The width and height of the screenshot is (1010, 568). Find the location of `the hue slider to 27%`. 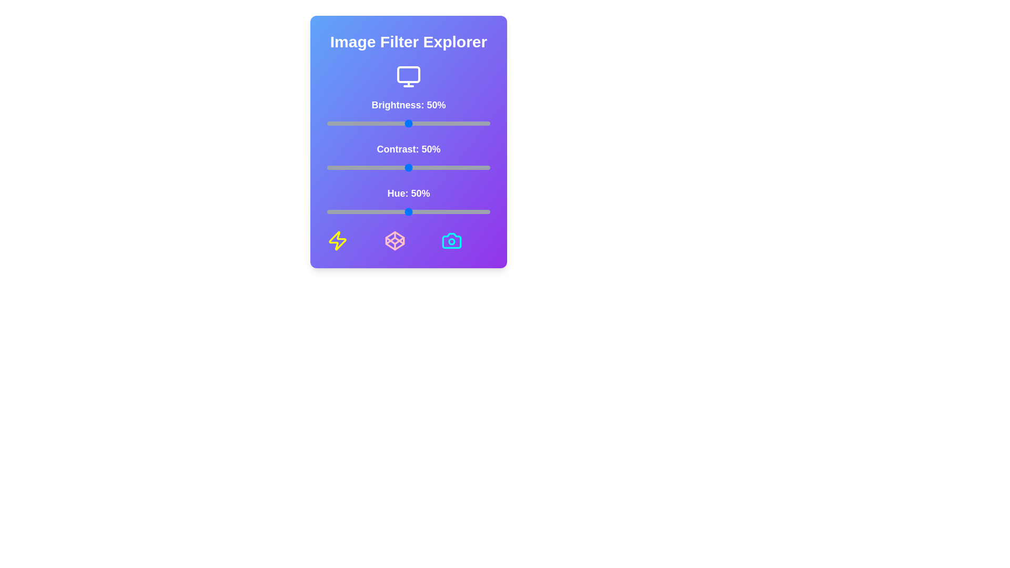

the hue slider to 27% is located at coordinates (371, 211).